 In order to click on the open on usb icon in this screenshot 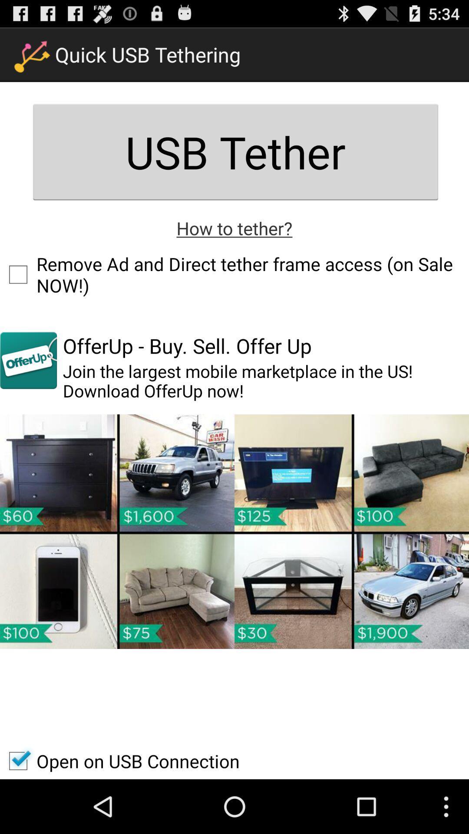, I will do `click(120, 761)`.